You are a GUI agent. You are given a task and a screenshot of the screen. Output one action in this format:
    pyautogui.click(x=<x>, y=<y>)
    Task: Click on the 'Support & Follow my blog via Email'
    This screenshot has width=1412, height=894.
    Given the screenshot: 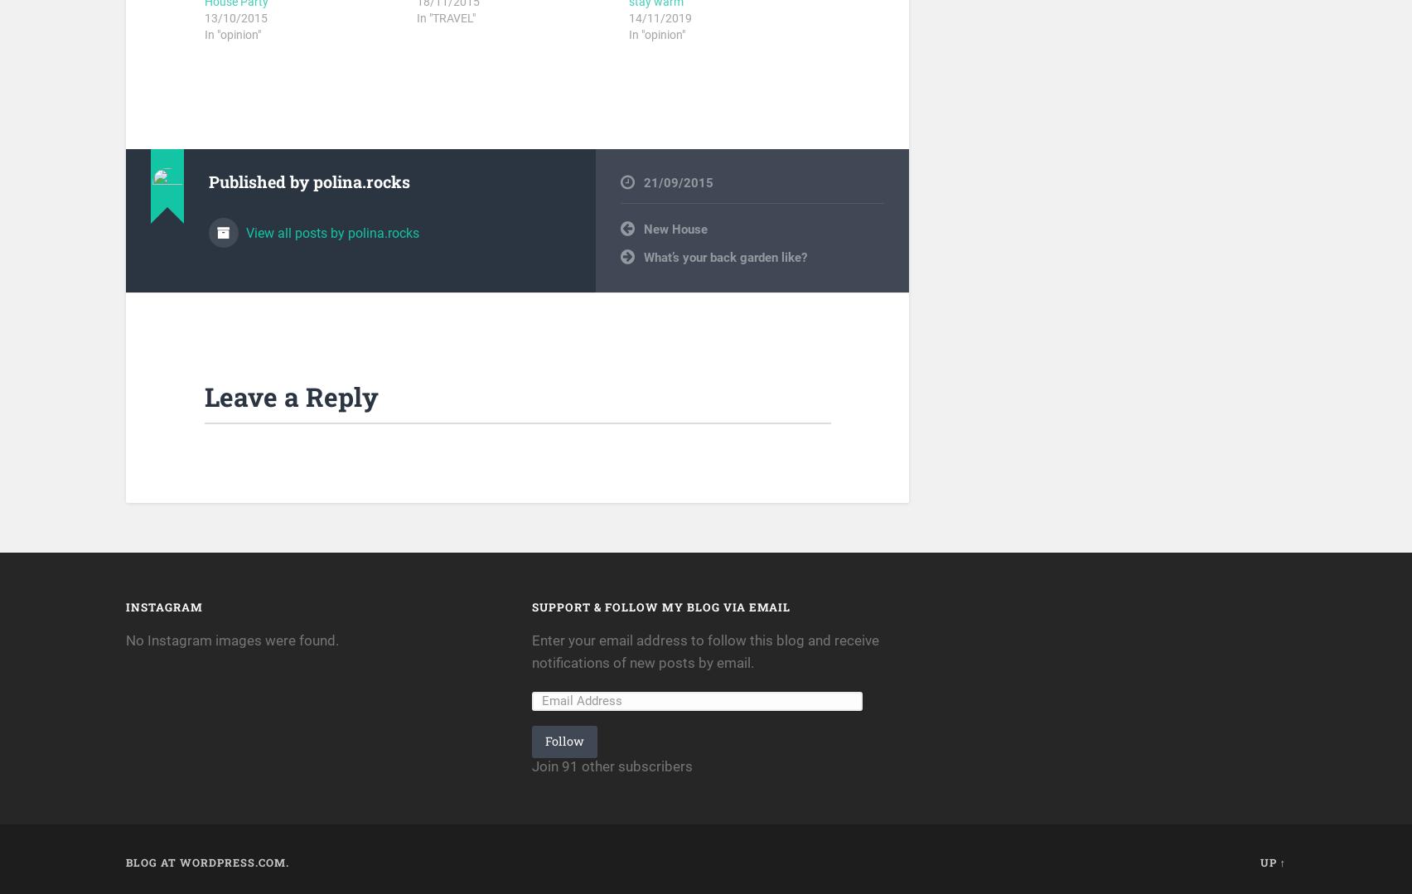 What is the action you would take?
    pyautogui.click(x=531, y=605)
    